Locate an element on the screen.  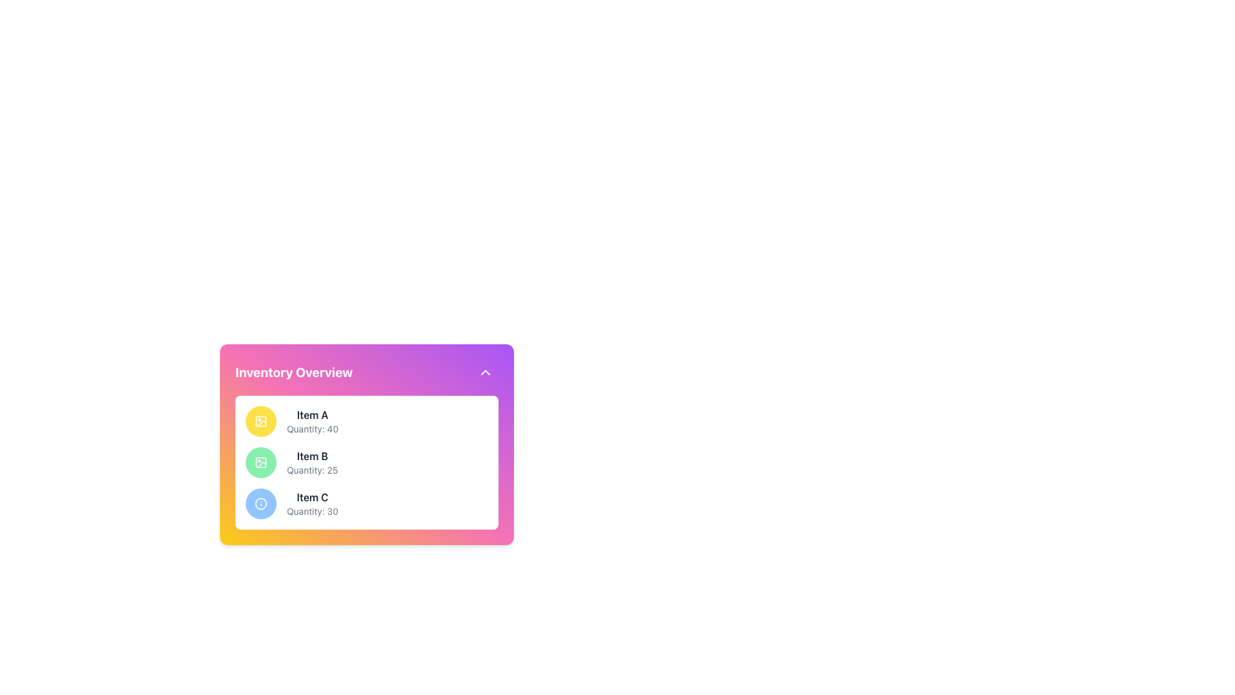
the List Item displaying 'Item B' with quantity '25' in the Inventory Overview dialog is located at coordinates (366, 452).